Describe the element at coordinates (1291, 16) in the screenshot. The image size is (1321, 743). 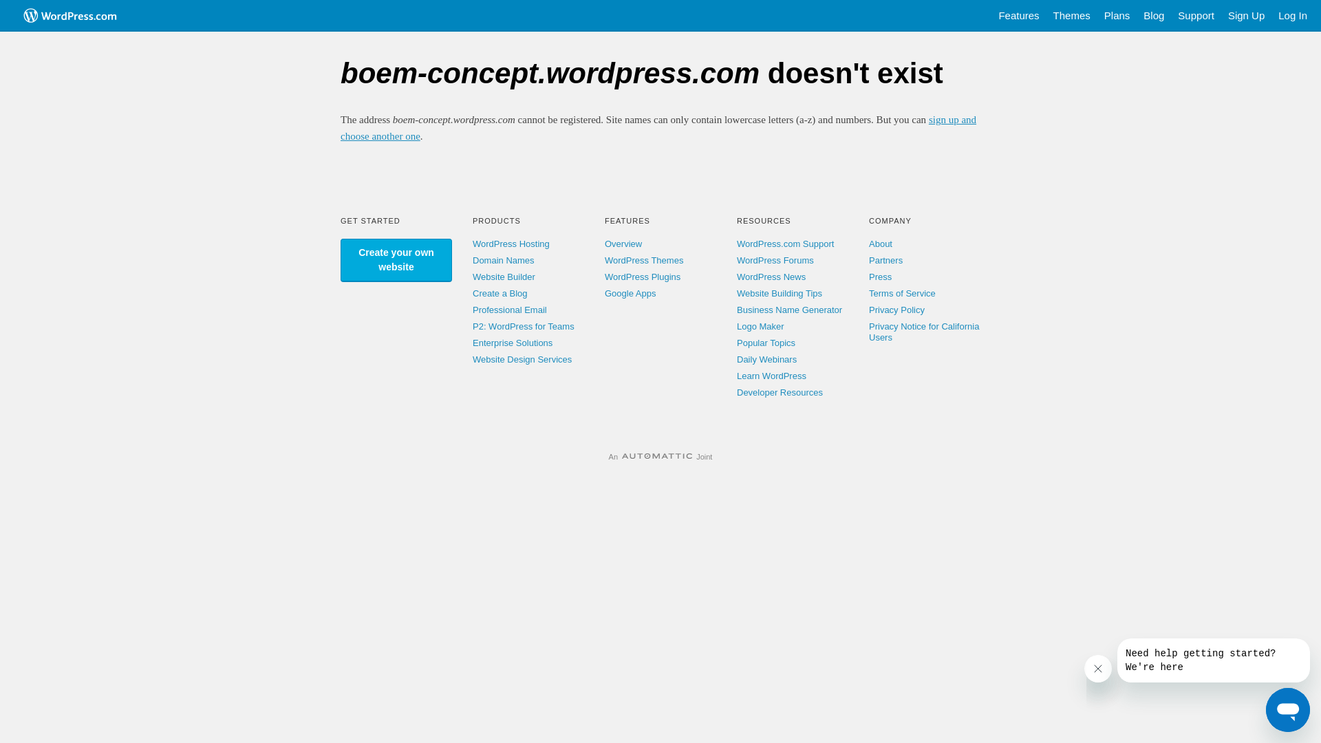
I see `'Log In'` at that location.